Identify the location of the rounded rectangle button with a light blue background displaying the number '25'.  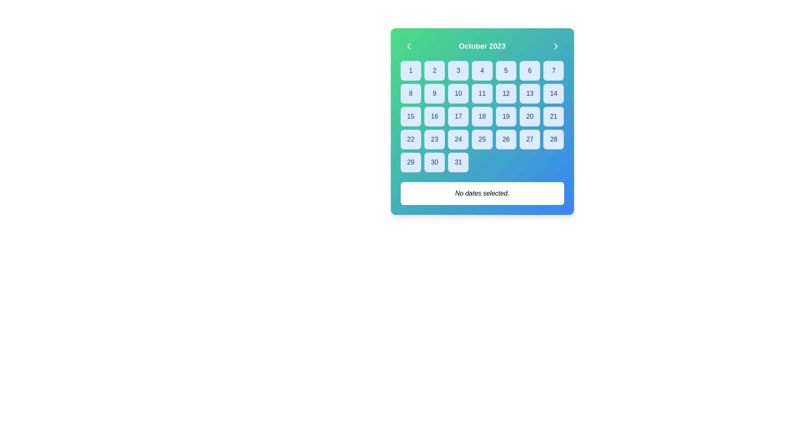
(482, 139).